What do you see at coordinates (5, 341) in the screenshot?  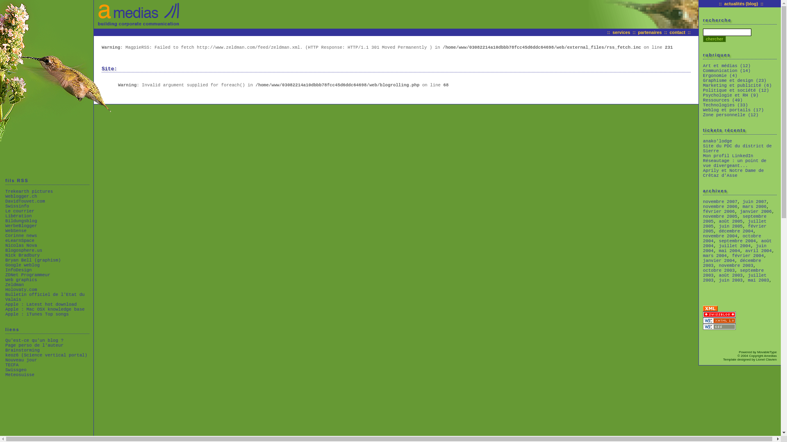 I see `'Qu'est-ce qu'un blog ?'` at bounding box center [5, 341].